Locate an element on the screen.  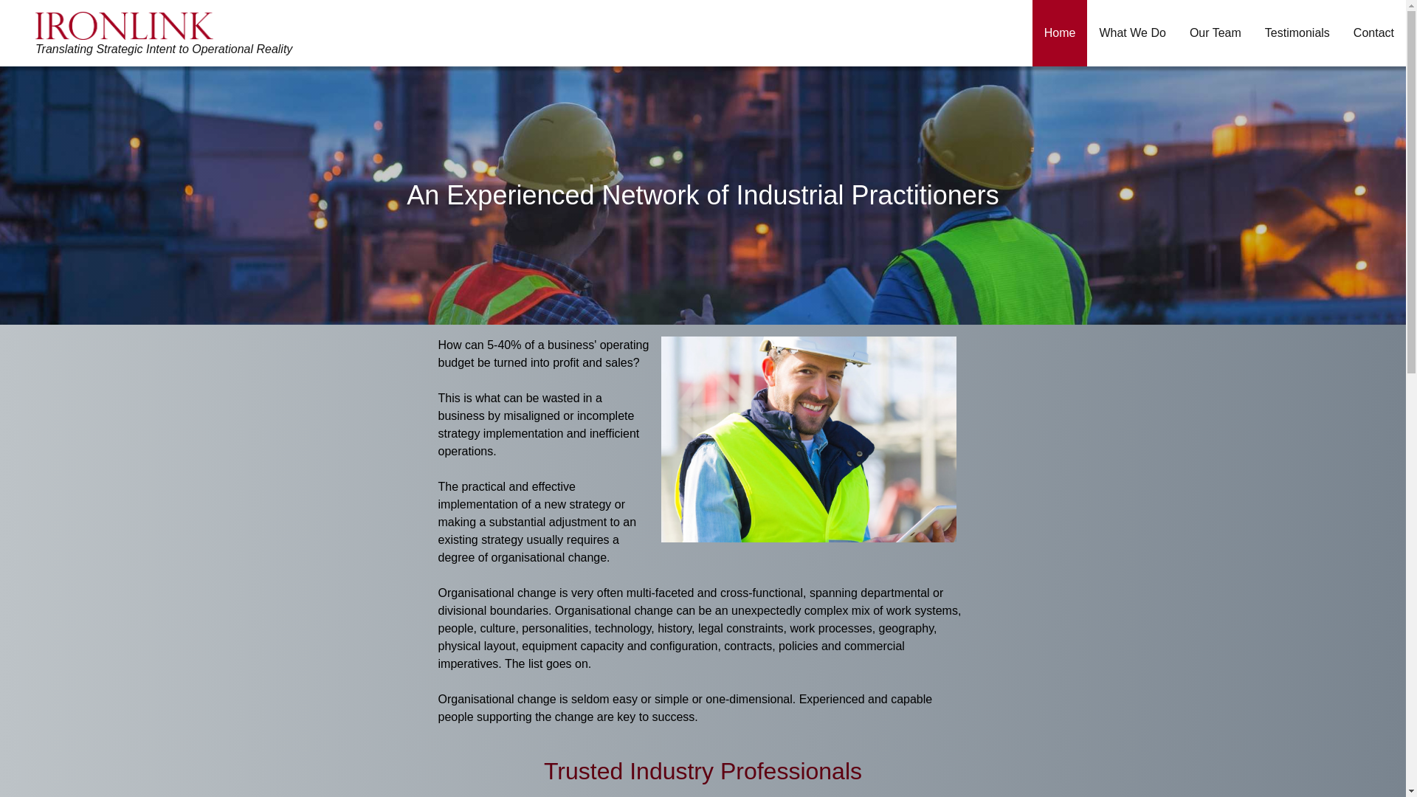
'Testimonials' is located at coordinates (1252, 33).